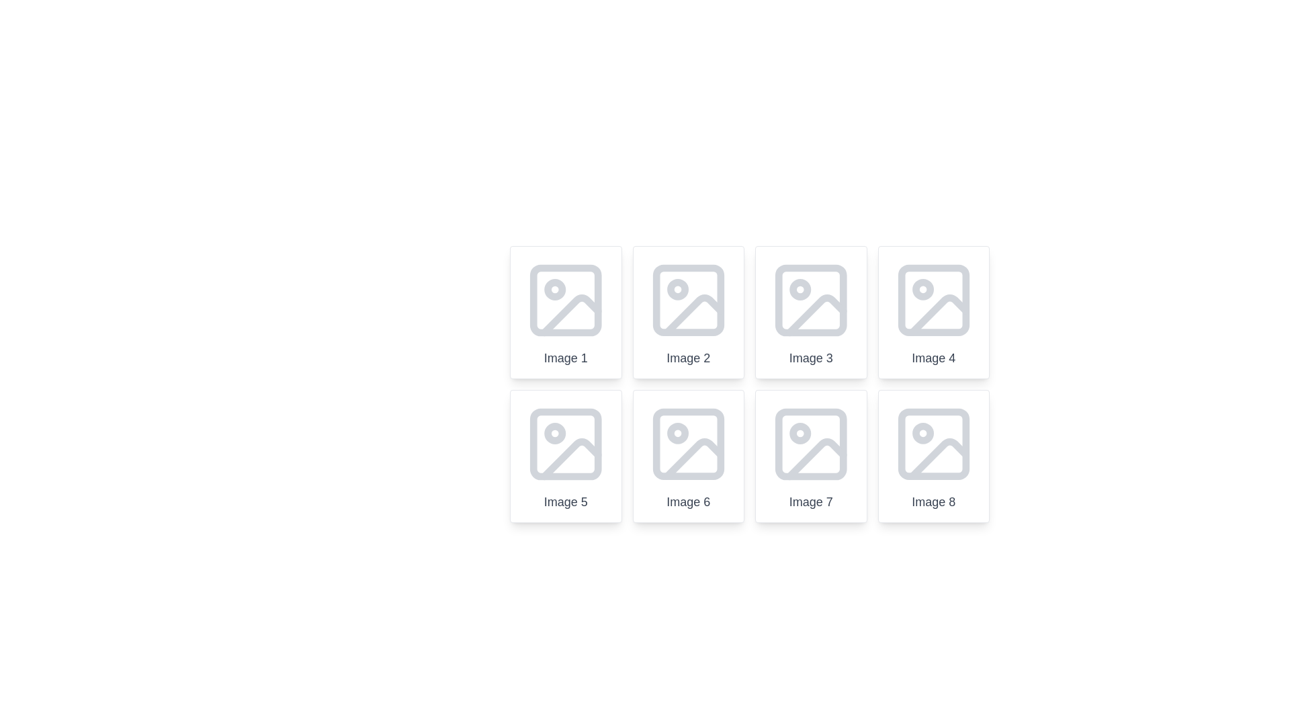 This screenshot has width=1290, height=726. What do you see at coordinates (810, 300) in the screenshot?
I see `the SVG icon representing 'Image 3' located in the first row of a grid layout of image placeholders` at bounding box center [810, 300].